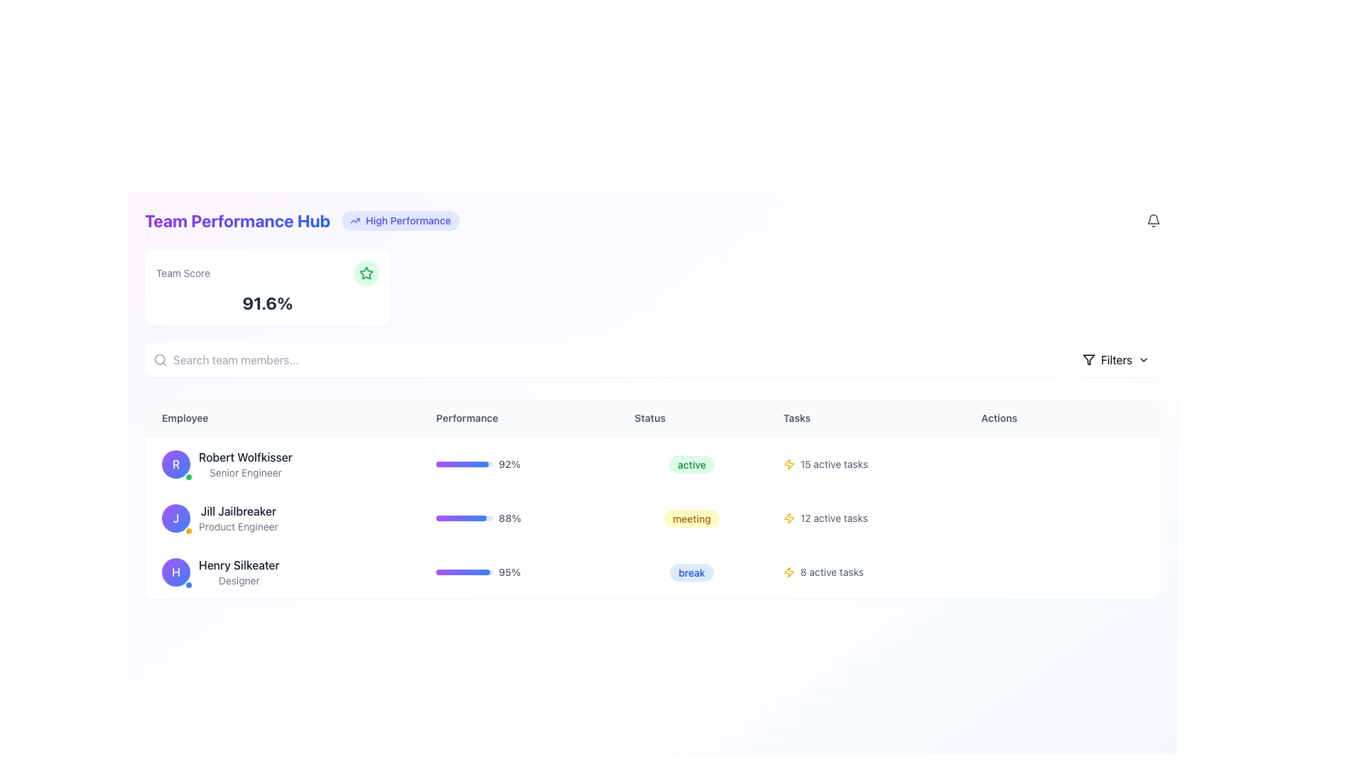 This screenshot has height=767, width=1364. Describe the element at coordinates (188, 477) in the screenshot. I see `the small circular status indicator with a green background and white border, located in the bottom-right corner of the circular avatar containing the letter 'R'` at that location.